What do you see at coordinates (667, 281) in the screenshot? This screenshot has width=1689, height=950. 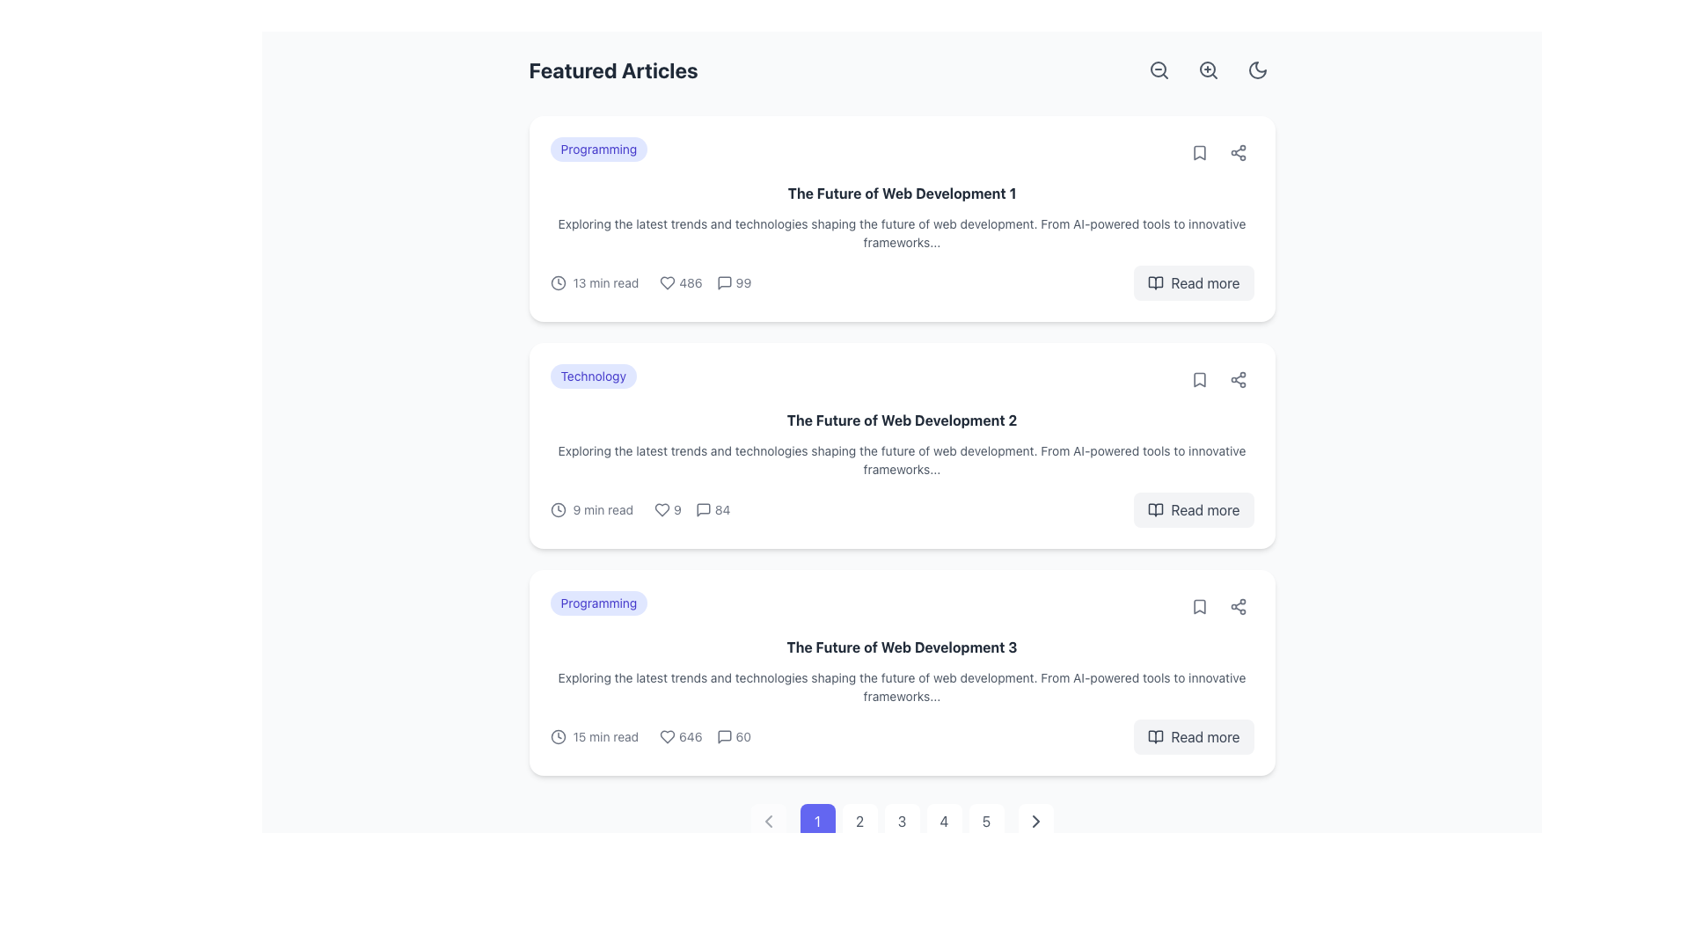 I see `the heart icon to like or unlike the article it is associated with, located in the bottom row of the first card in the article list` at bounding box center [667, 281].